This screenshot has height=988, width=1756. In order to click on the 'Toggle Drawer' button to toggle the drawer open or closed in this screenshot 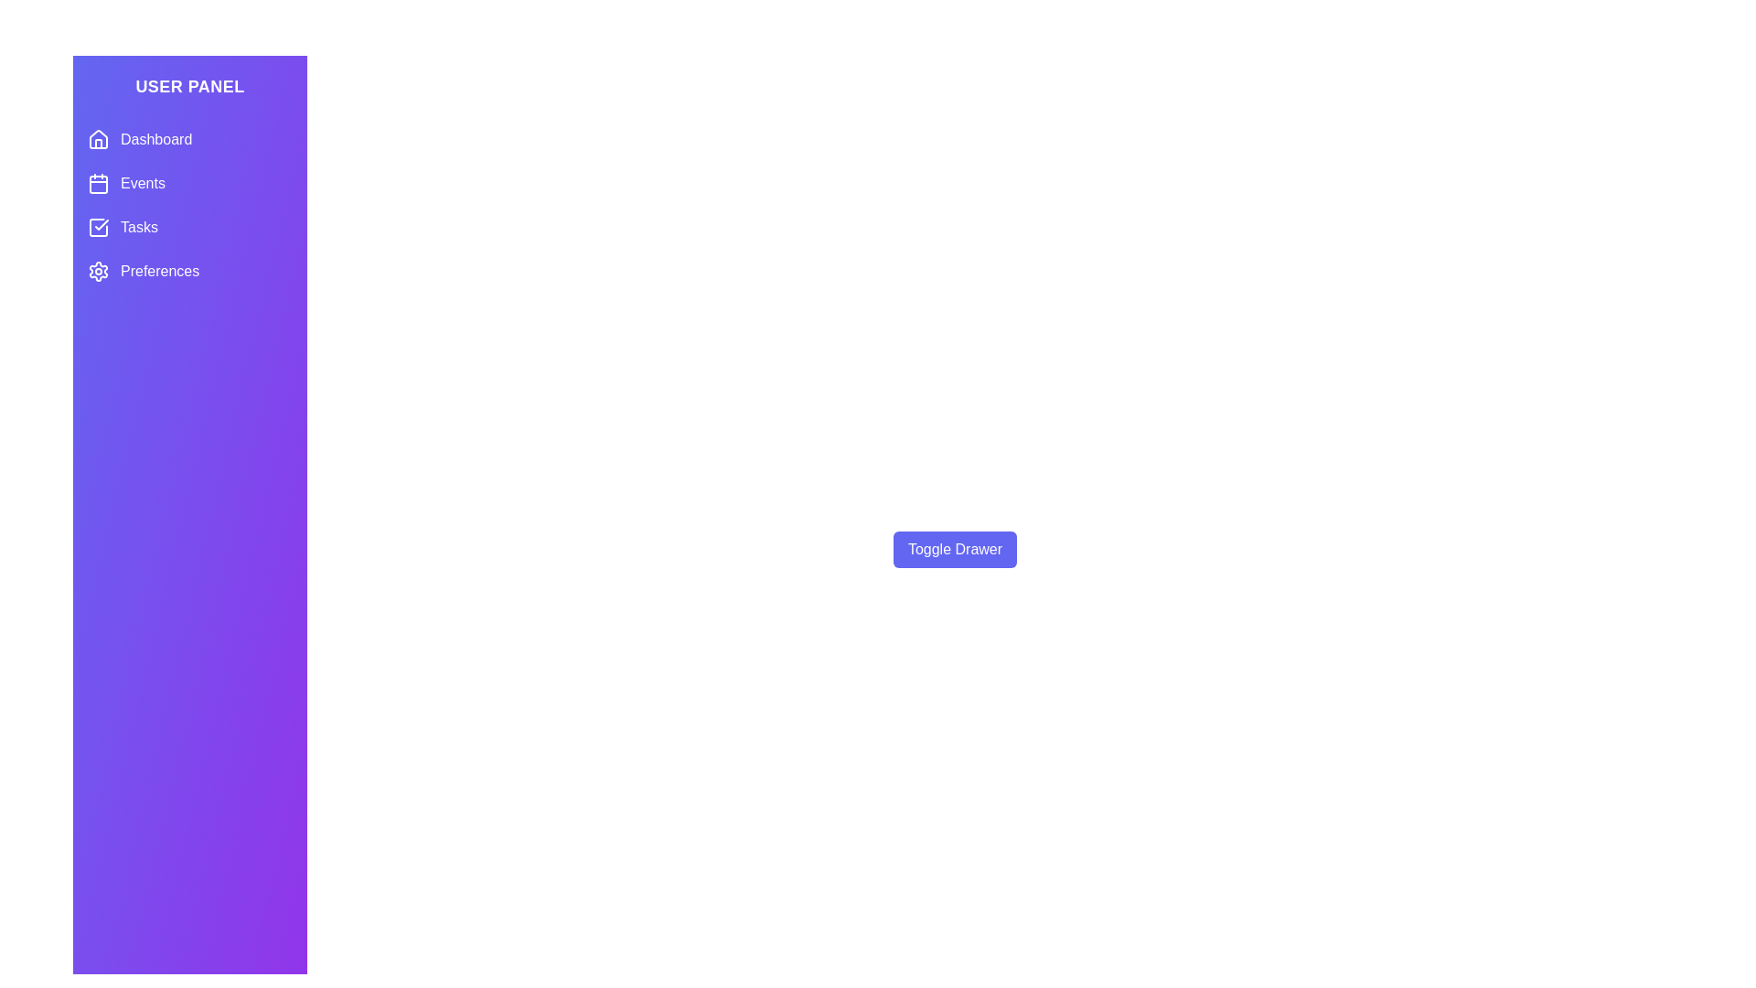, I will do `click(954, 549)`.